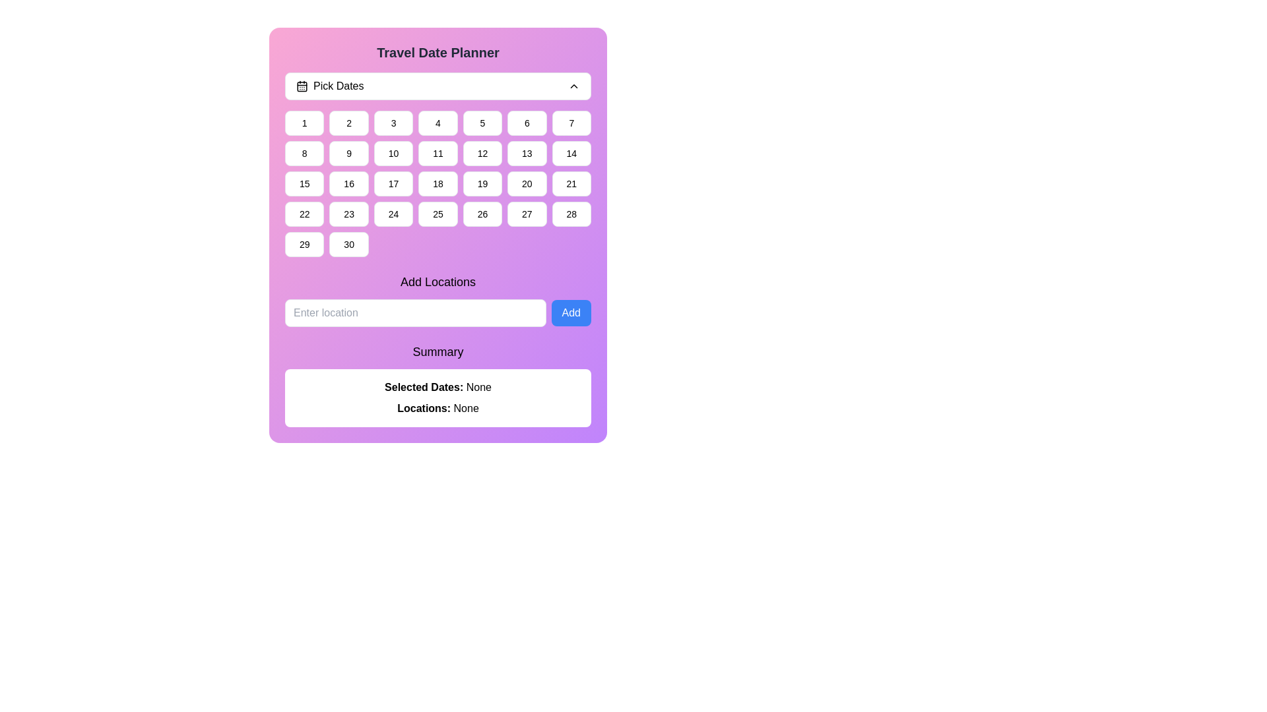 The width and height of the screenshot is (1267, 712). What do you see at coordinates (526, 152) in the screenshot?
I see `the date selection button for the 13th in the second row and sixth column of the grid under the 'Pick Dates' label to observe the hover effect` at bounding box center [526, 152].